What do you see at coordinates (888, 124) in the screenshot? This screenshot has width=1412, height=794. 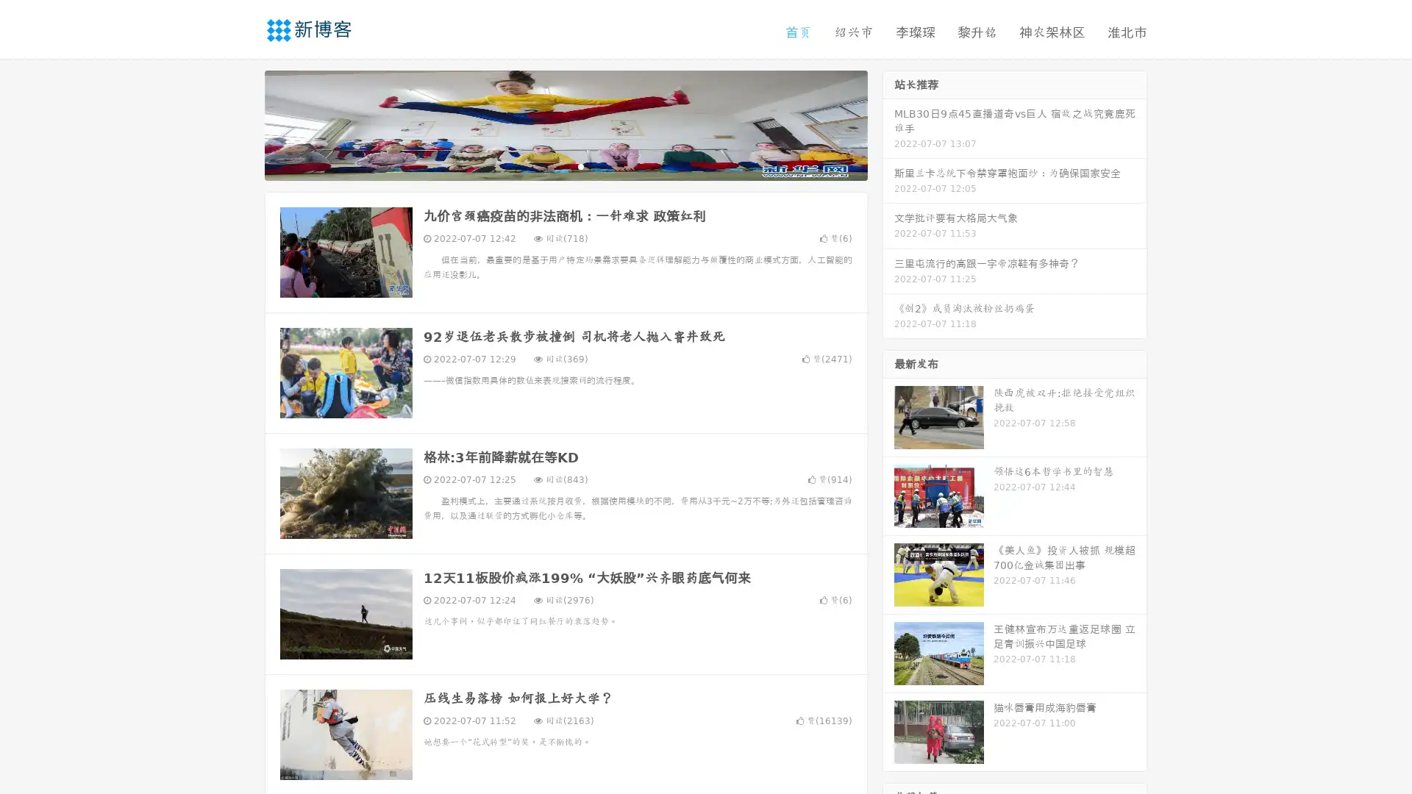 I see `Next slide` at bounding box center [888, 124].